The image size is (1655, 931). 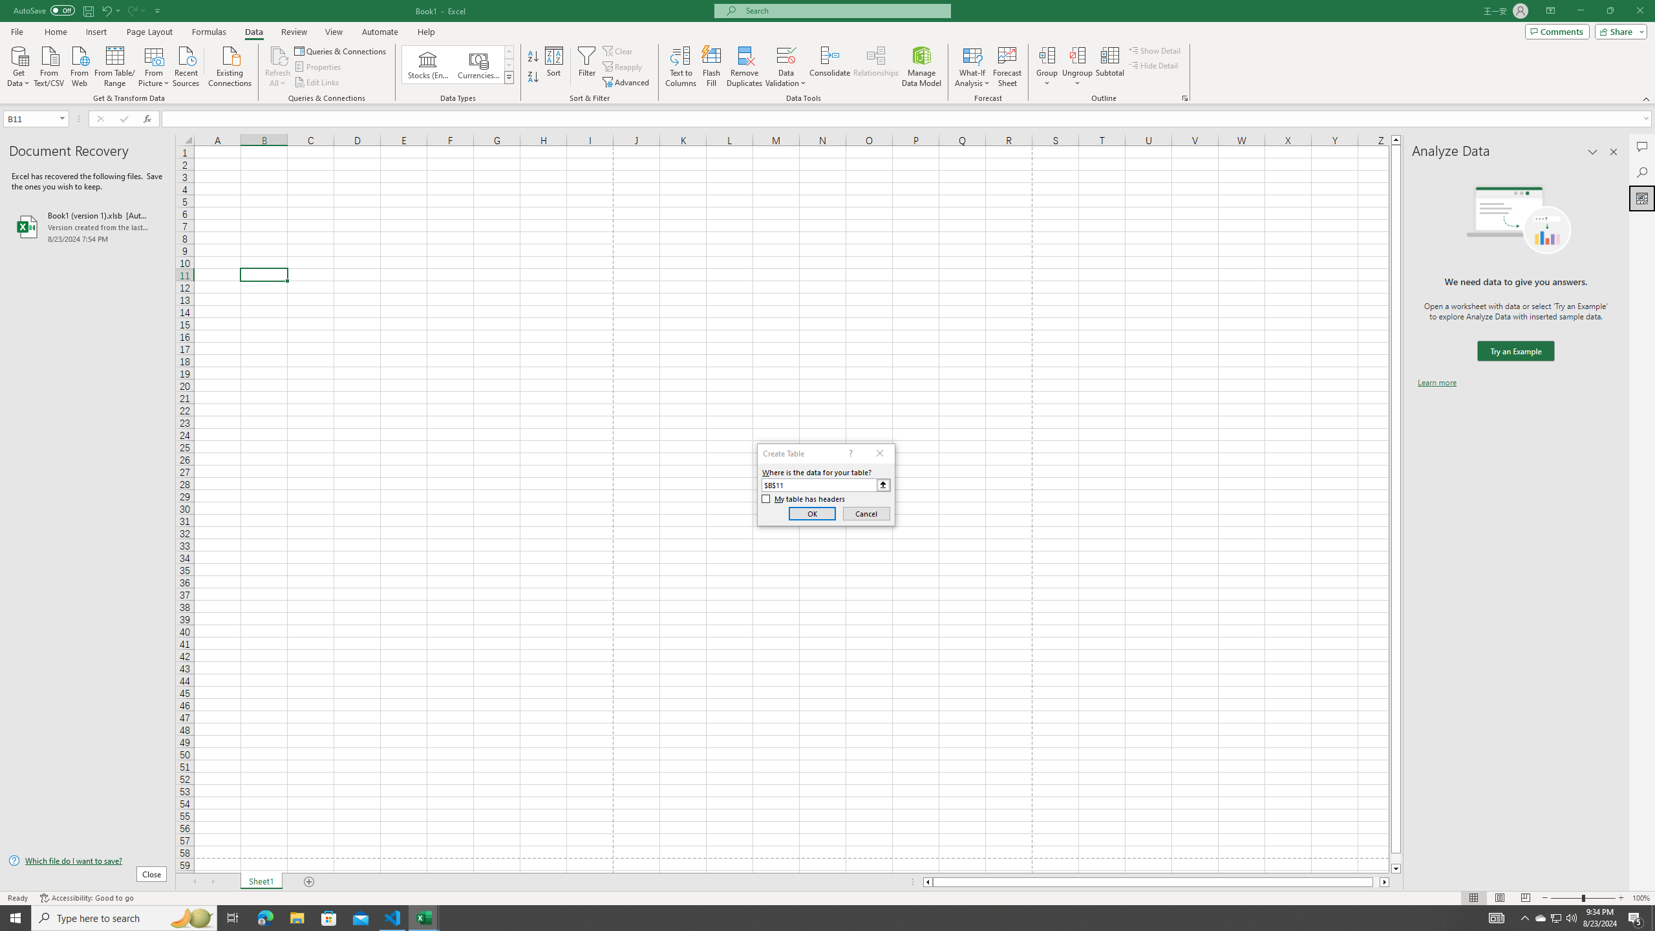 I want to click on 'Edit Links', so click(x=317, y=82).